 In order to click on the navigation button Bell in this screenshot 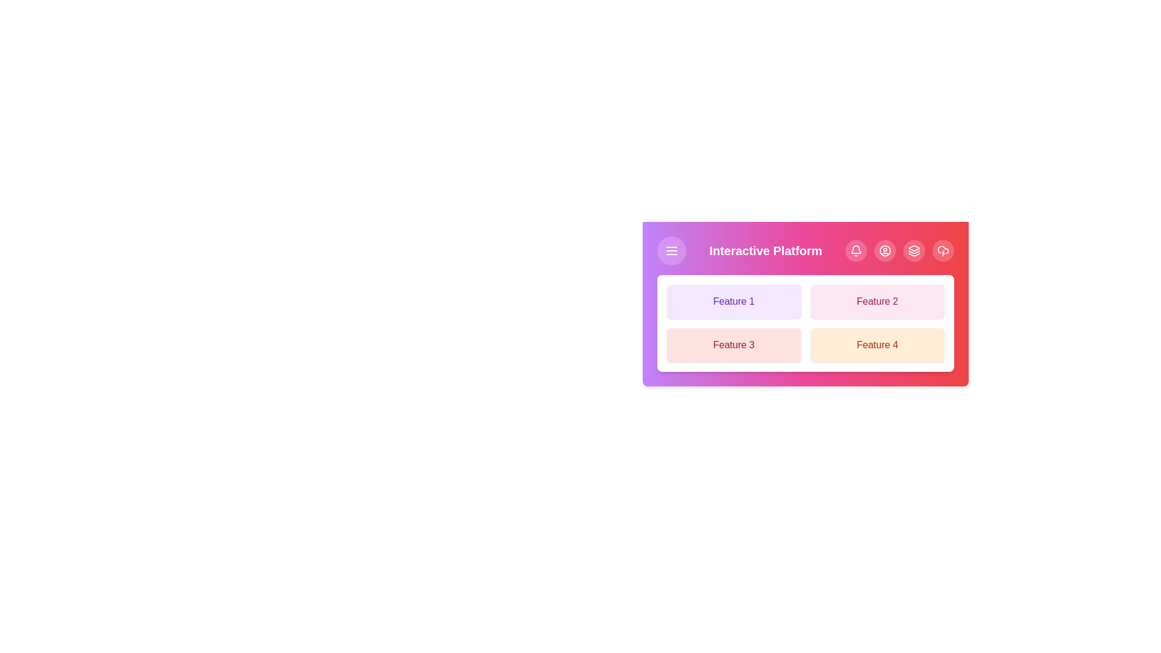, I will do `click(856, 250)`.